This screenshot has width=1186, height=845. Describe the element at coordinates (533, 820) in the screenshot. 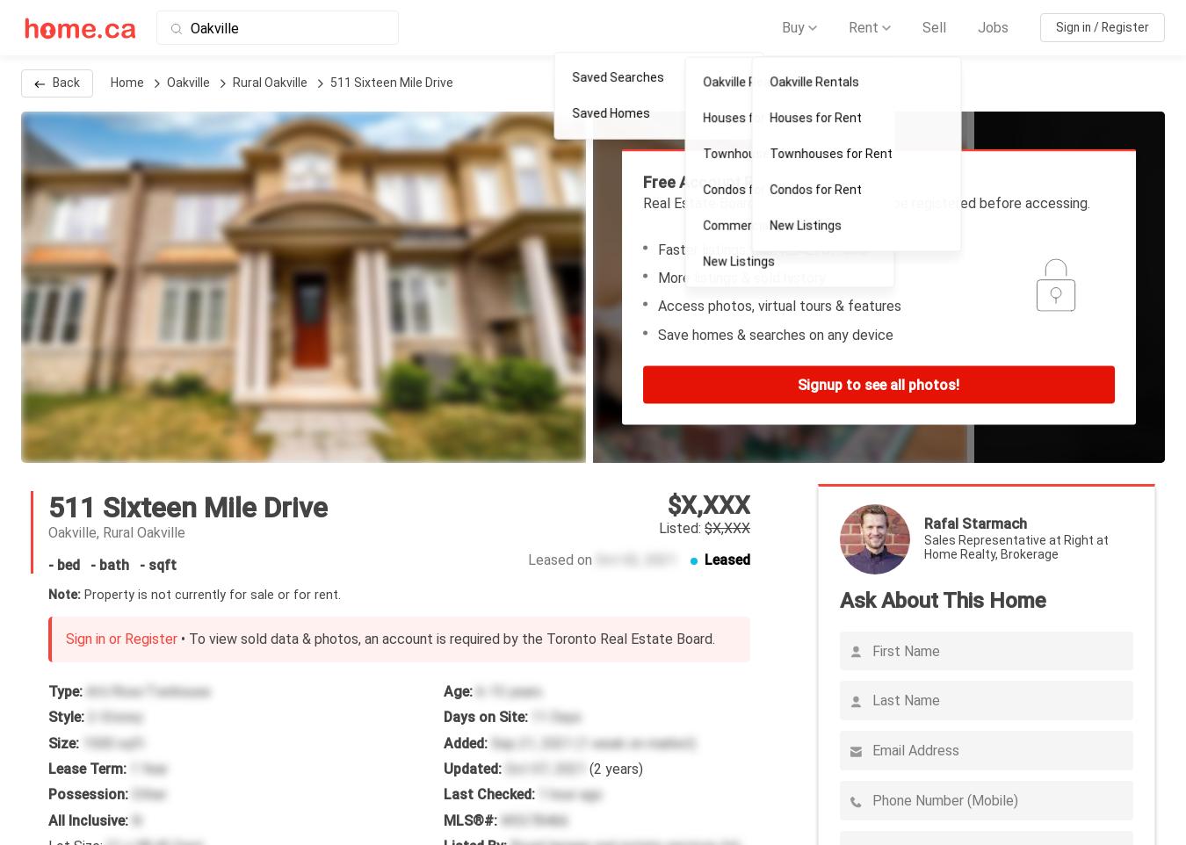

I see `'W5378466'` at that location.